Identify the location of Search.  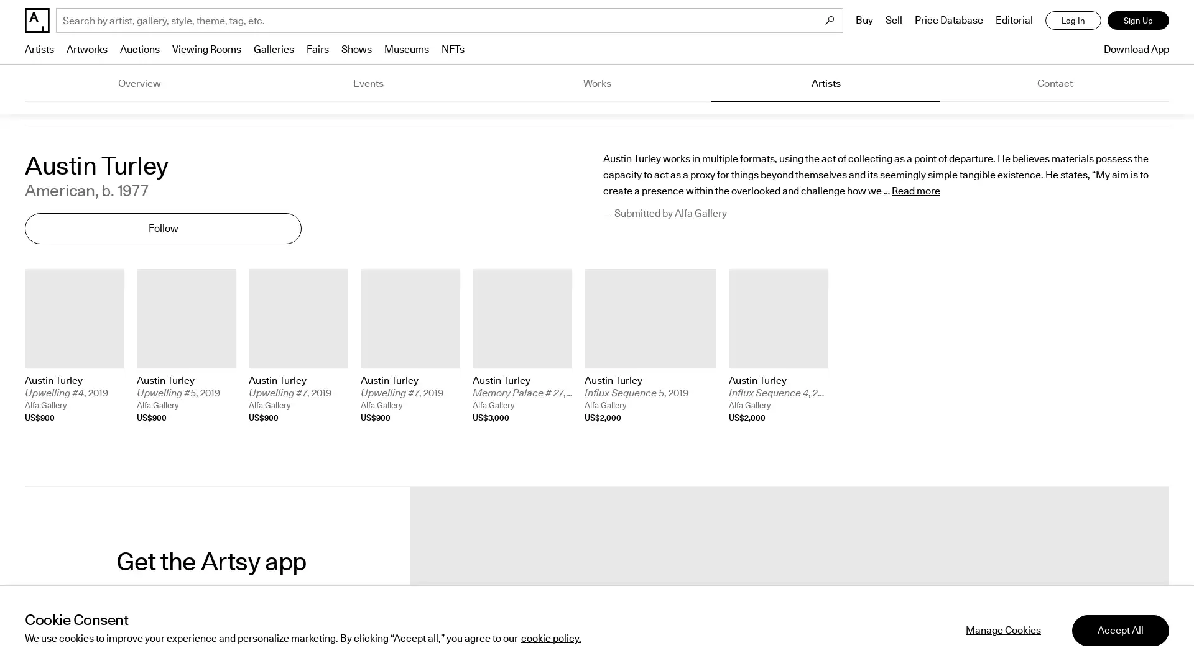
(830, 21).